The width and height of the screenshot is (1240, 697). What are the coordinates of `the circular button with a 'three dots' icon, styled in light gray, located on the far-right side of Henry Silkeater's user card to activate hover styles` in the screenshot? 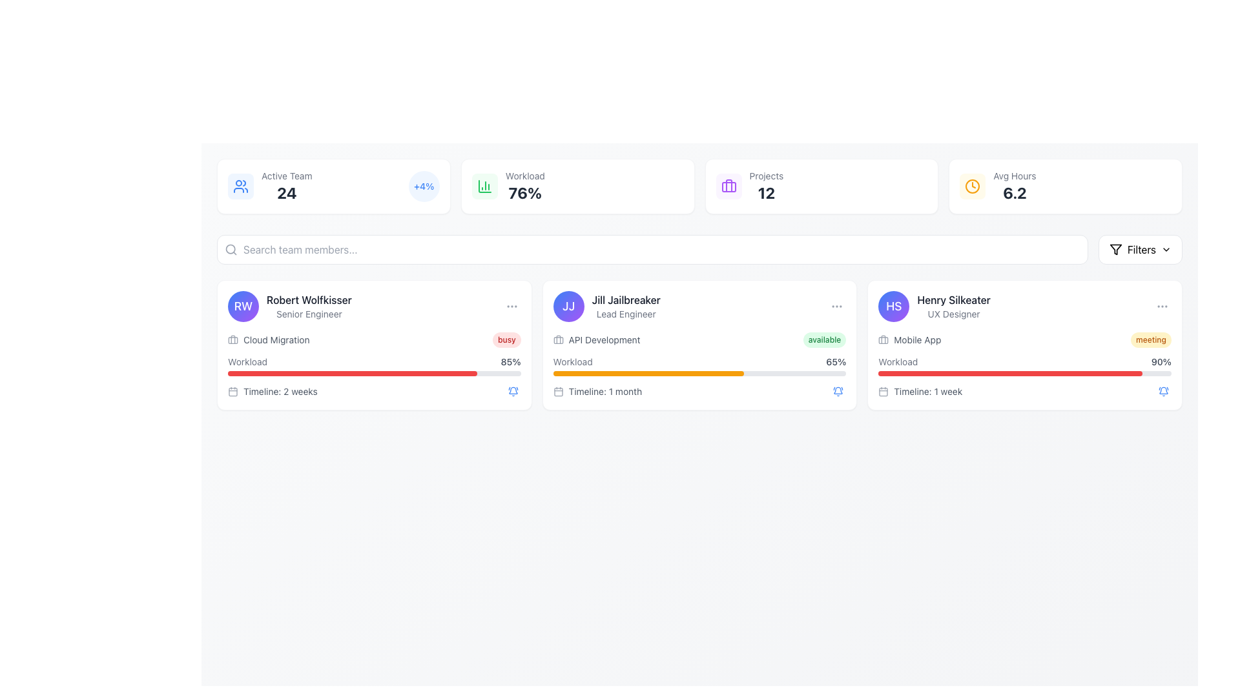 It's located at (1162, 306).